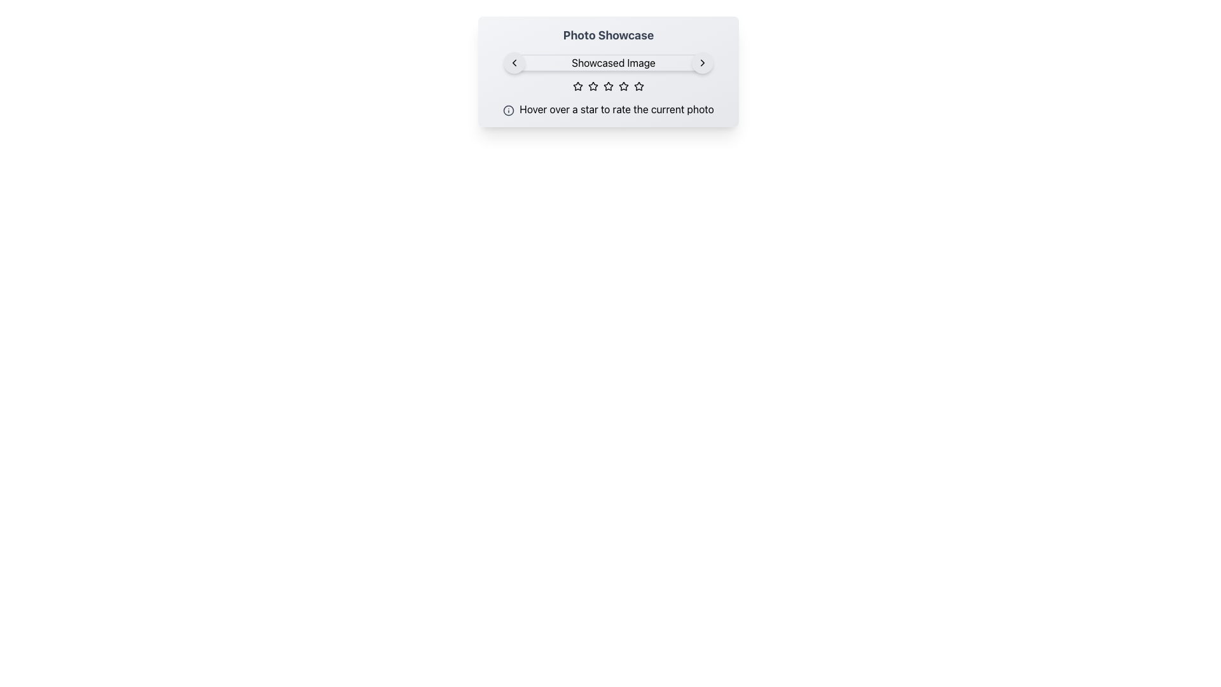 The image size is (1221, 687). What do you see at coordinates (638, 86) in the screenshot?
I see `the fifth star in the star-rating control system to rate the item` at bounding box center [638, 86].